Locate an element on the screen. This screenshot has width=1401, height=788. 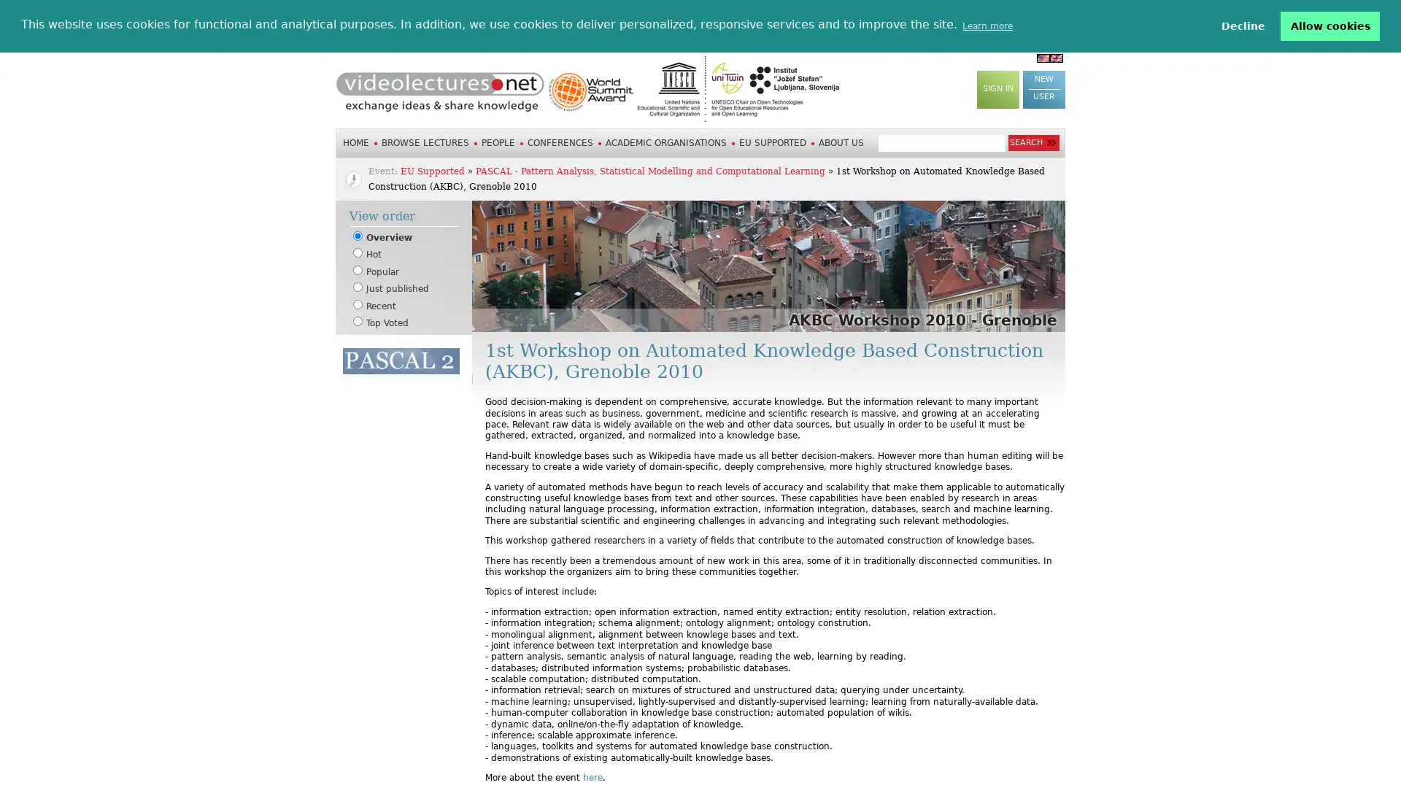
allow cookies is located at coordinates (1330, 26).